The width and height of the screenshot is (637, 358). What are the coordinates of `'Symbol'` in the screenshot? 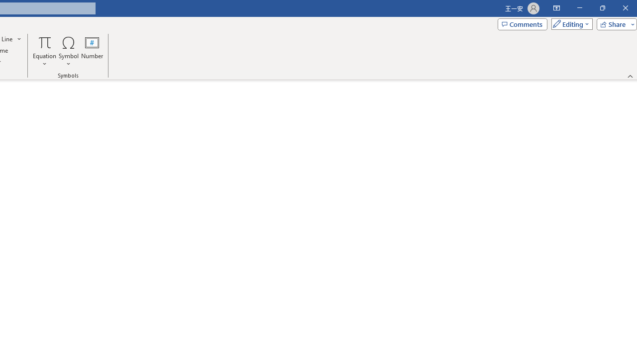 It's located at (68, 51).